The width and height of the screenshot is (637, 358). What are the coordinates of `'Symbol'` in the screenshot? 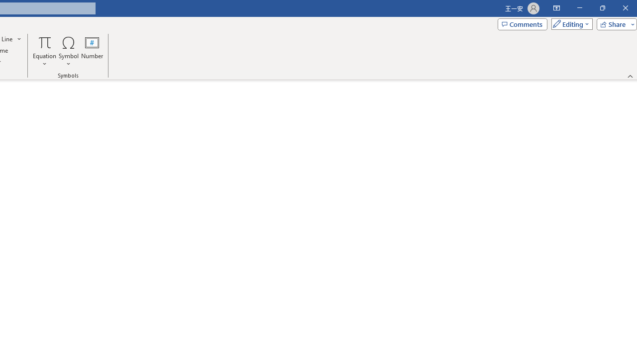 It's located at (68, 51).